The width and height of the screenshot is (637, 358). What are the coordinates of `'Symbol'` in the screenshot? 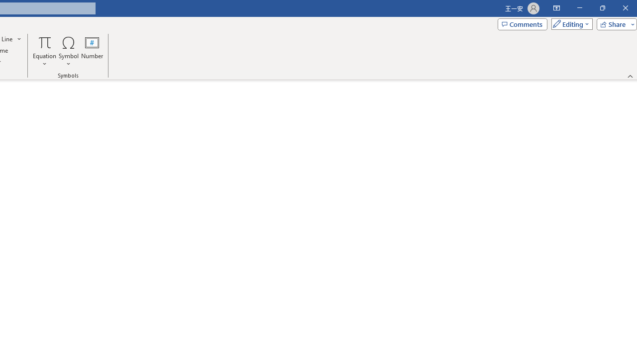 It's located at (68, 51).